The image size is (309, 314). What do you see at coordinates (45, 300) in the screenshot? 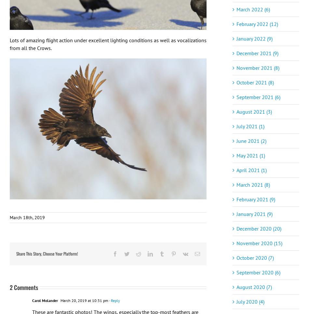
I see `'Carol Molander'` at bounding box center [45, 300].